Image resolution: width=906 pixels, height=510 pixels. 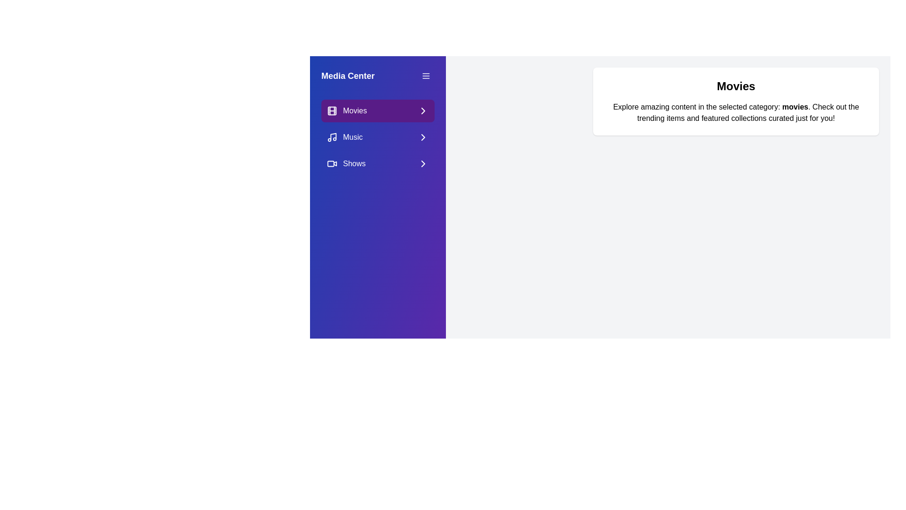 What do you see at coordinates (423, 163) in the screenshot?
I see `the third chevron icon in the left vertical sidebar, located to the right of the 'Shows' text` at bounding box center [423, 163].